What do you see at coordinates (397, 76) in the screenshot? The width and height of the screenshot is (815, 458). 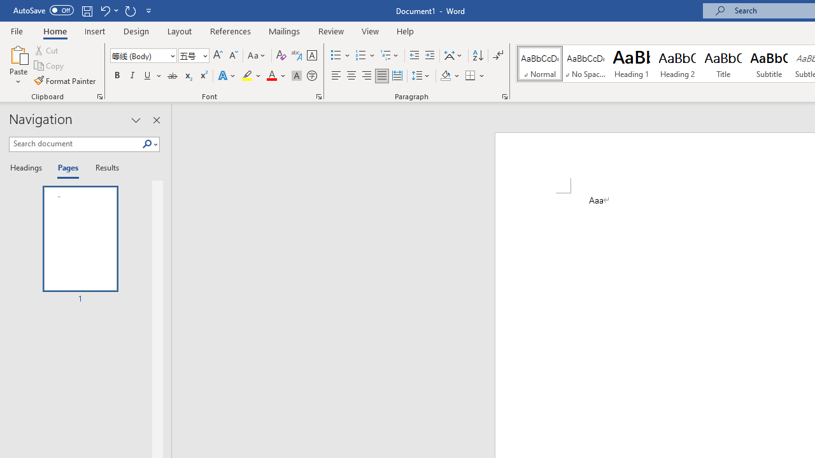 I see `'Distributed'` at bounding box center [397, 76].